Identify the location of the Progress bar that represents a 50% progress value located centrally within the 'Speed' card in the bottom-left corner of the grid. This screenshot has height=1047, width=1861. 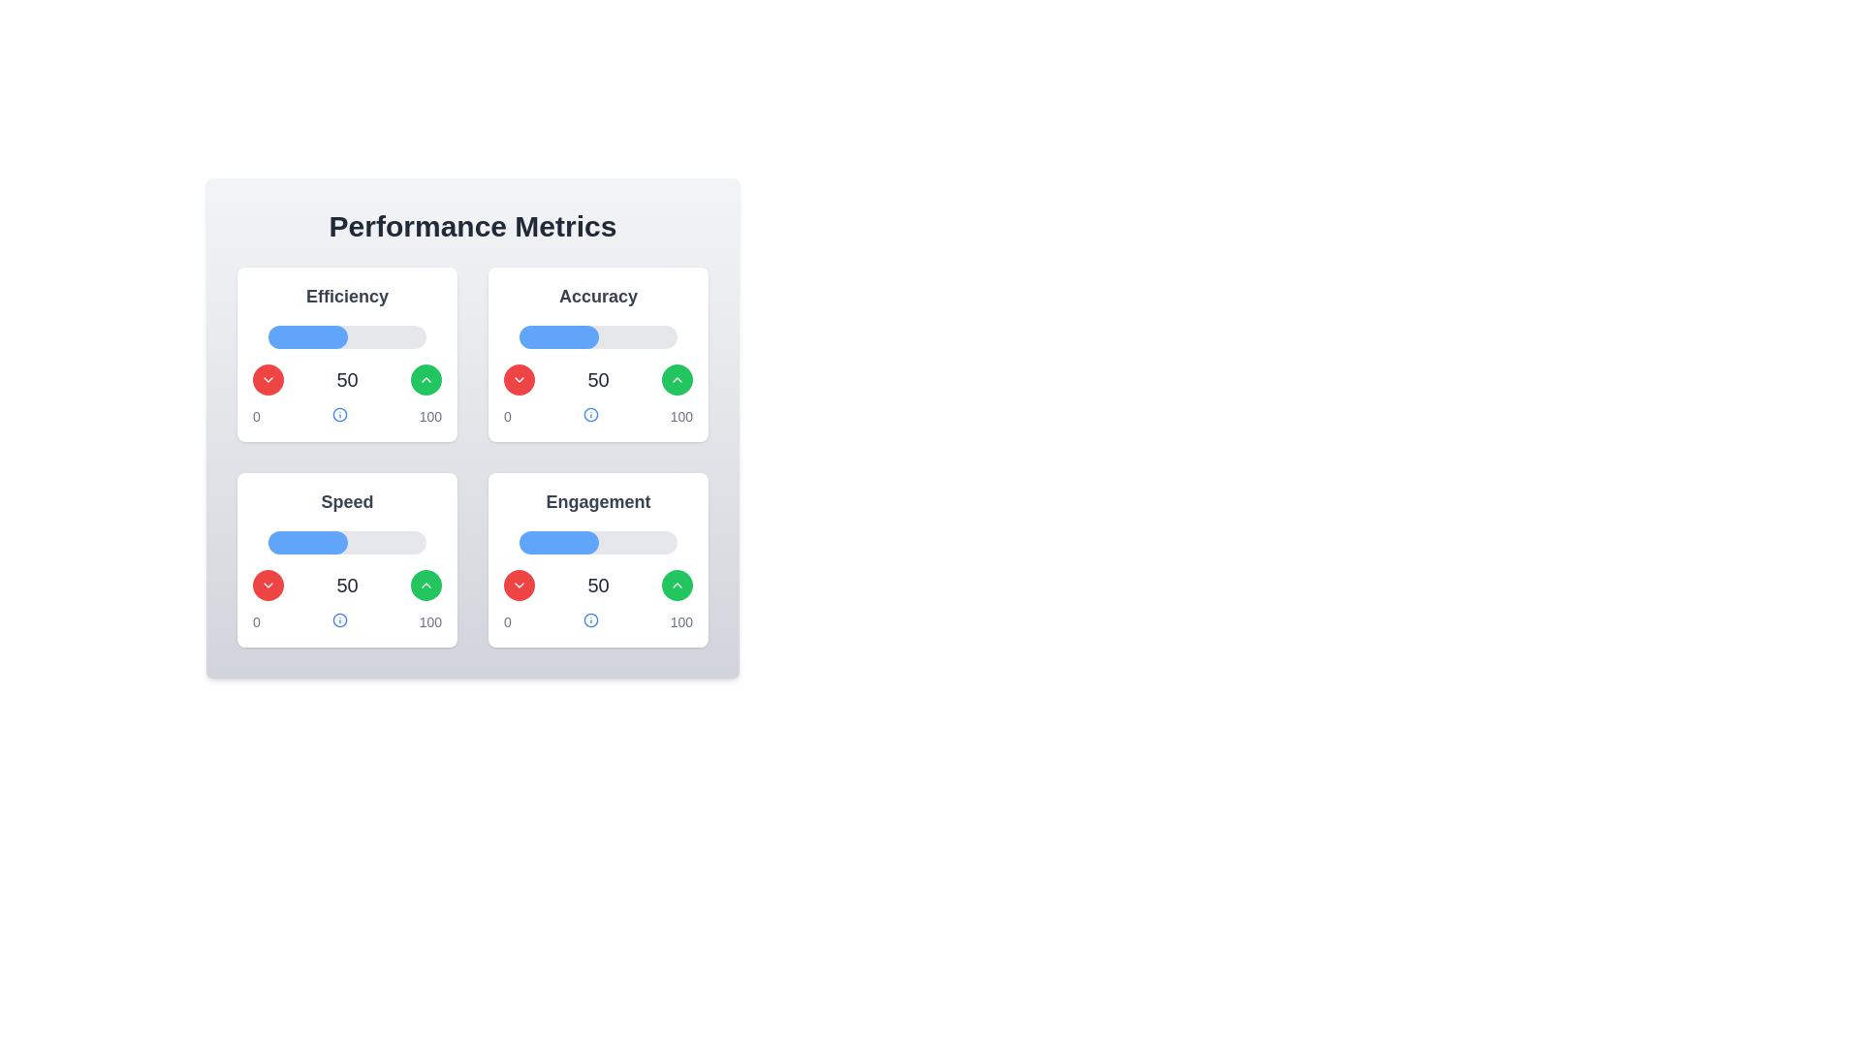
(347, 542).